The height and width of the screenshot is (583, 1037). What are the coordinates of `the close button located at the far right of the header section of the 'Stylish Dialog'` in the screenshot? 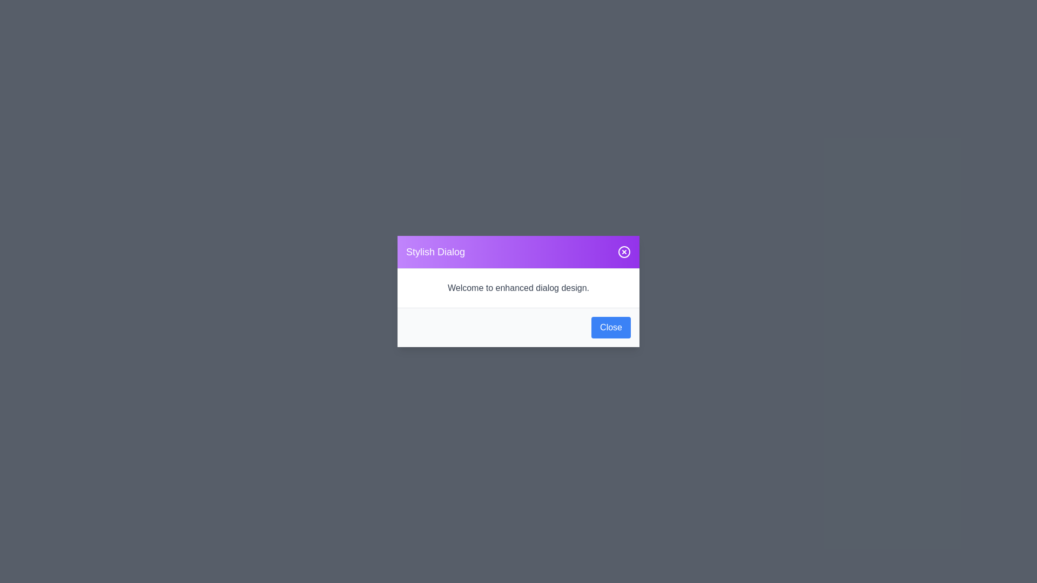 It's located at (624, 252).